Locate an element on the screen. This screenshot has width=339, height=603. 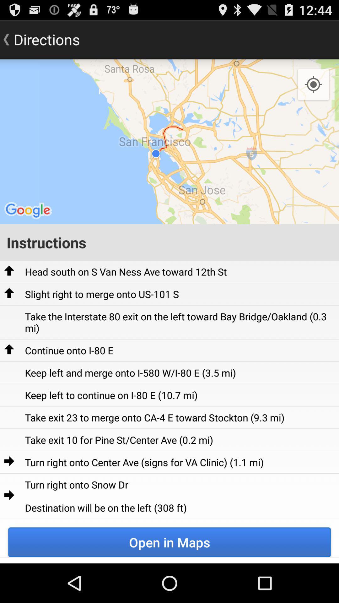
the icon above the instructions icon is located at coordinates (313, 84).